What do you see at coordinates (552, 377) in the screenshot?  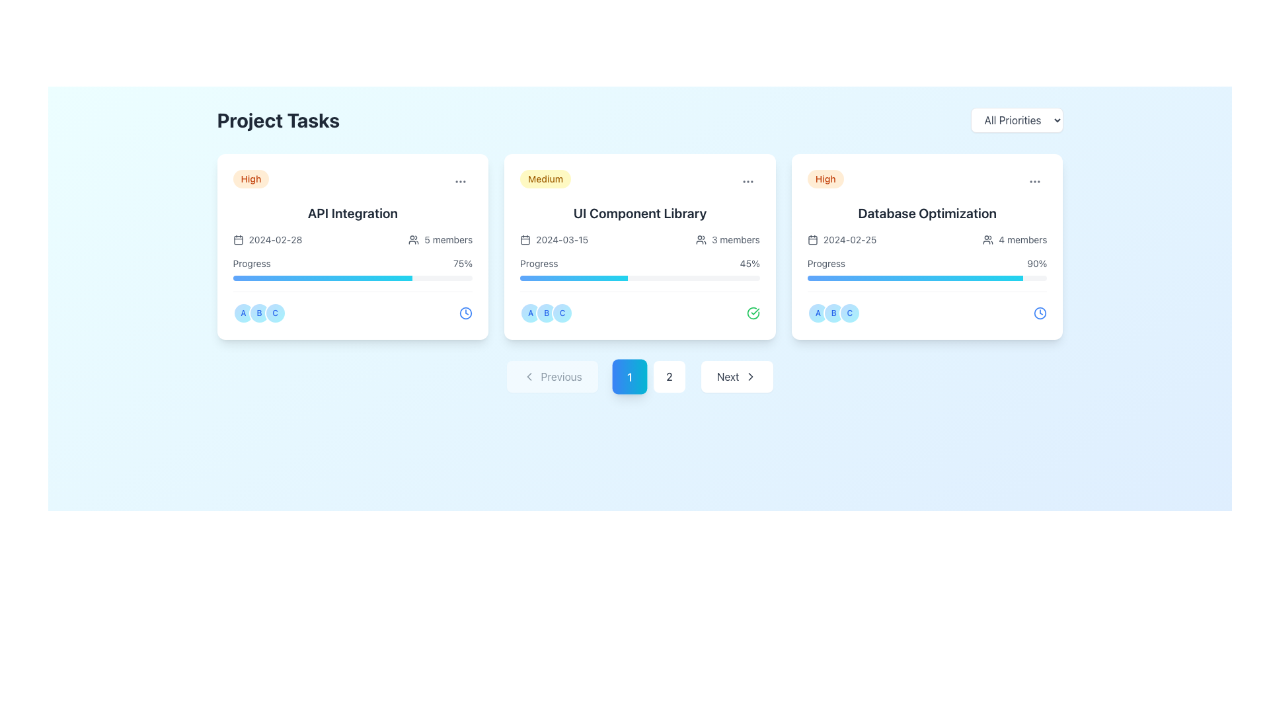 I see `the button located at the bottom left section of the page` at bounding box center [552, 377].